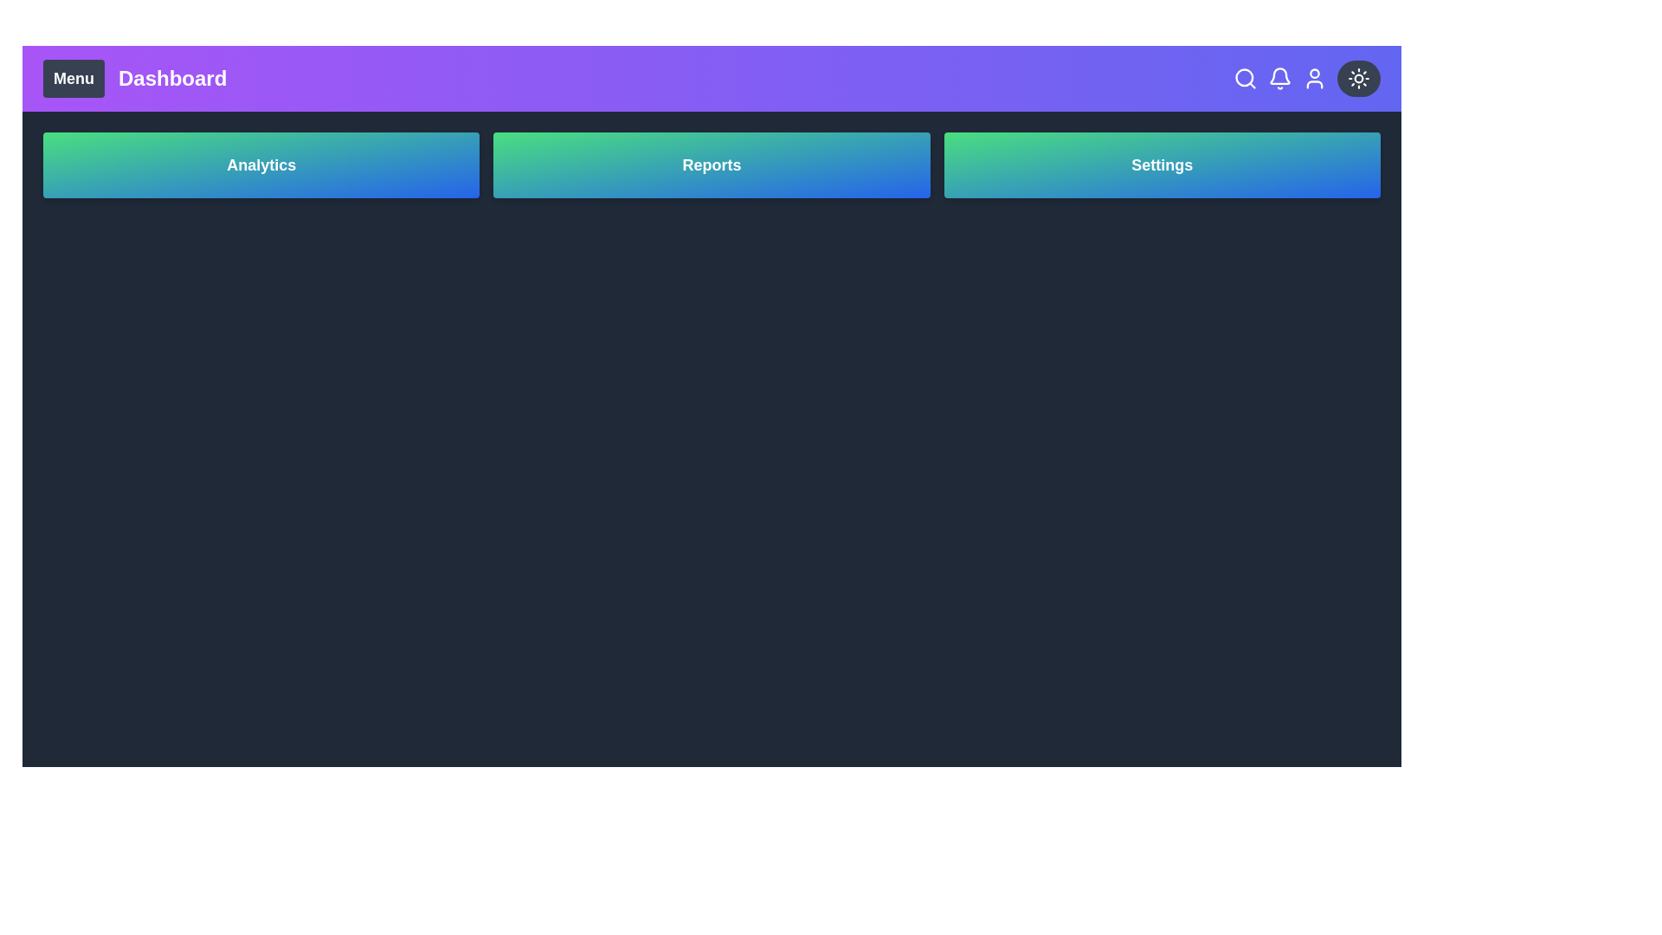 The image size is (1662, 935). Describe the element at coordinates (1162, 165) in the screenshot. I see `the 'Settings' card to navigate to the Settings section` at that location.